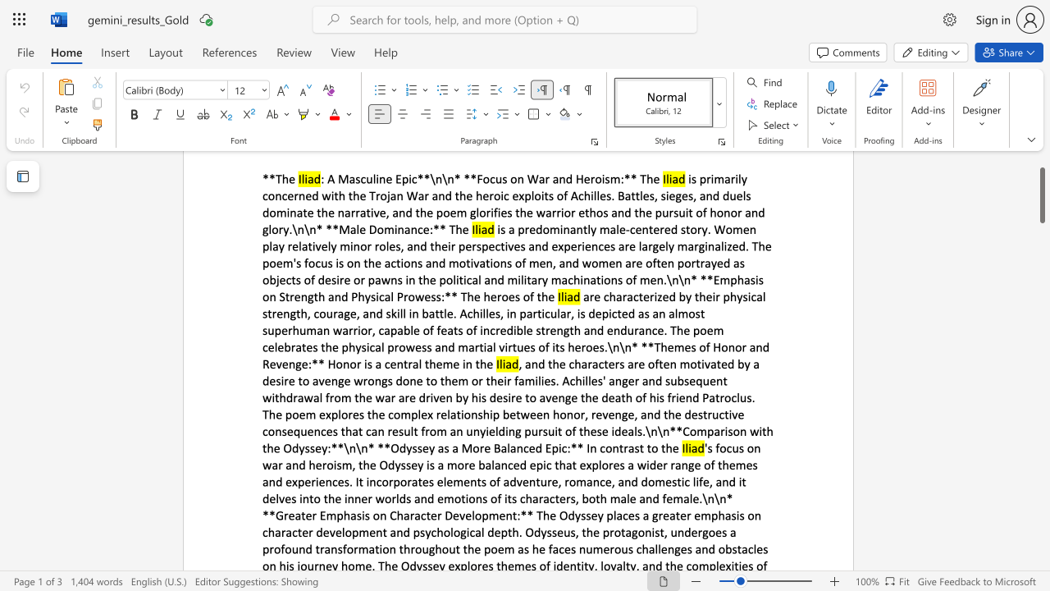  I want to click on the scrollbar and move up 30 pixels, so click(1041, 195).